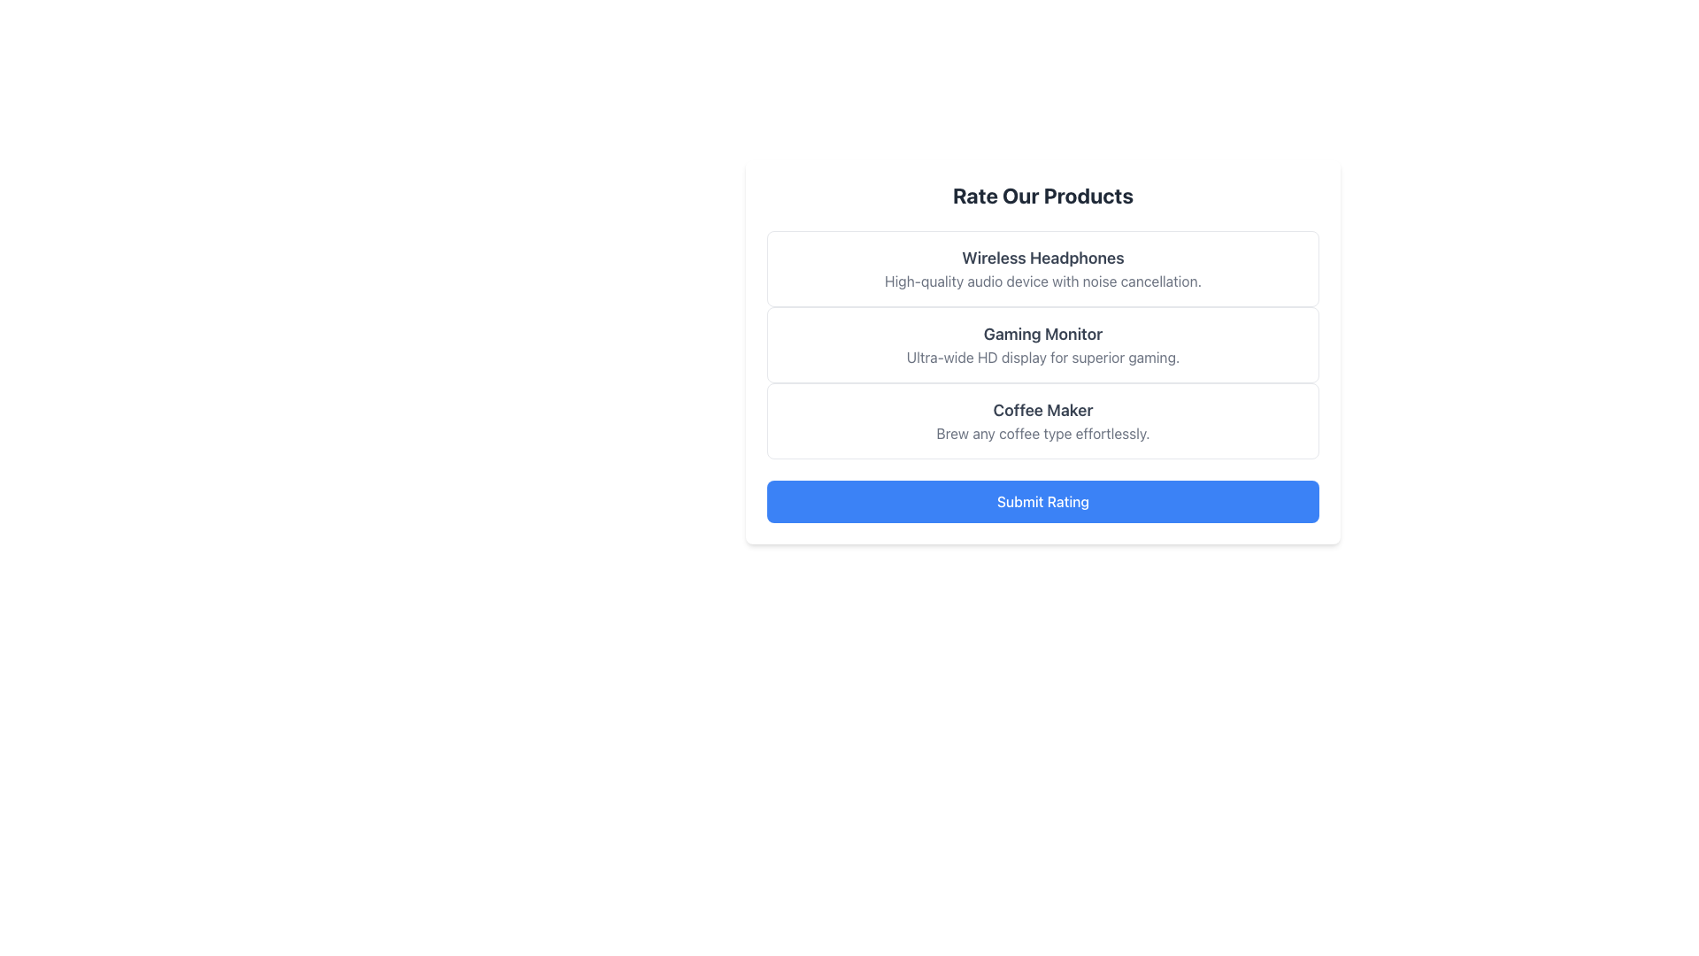  What do you see at coordinates (1043, 420) in the screenshot?
I see `the third display card representing a coffee maker in the product rating interface, located between the Gaming Monitor and the Submit Rating button` at bounding box center [1043, 420].